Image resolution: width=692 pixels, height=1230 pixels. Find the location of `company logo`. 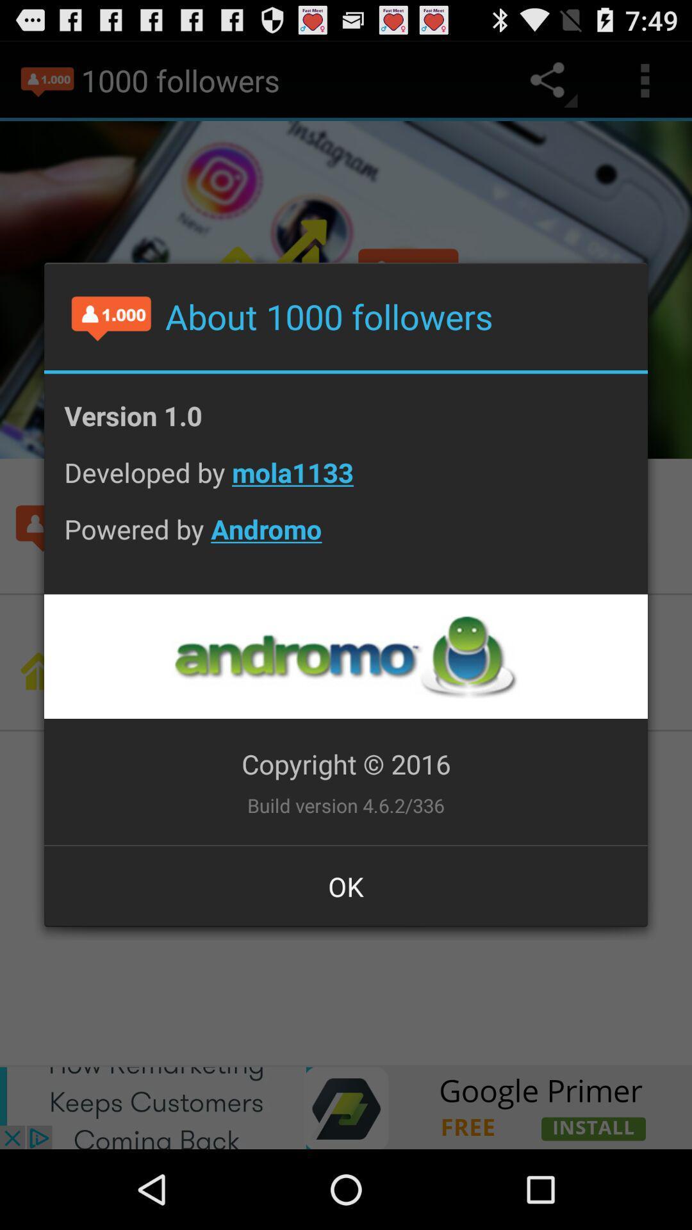

company logo is located at coordinates (345, 656).